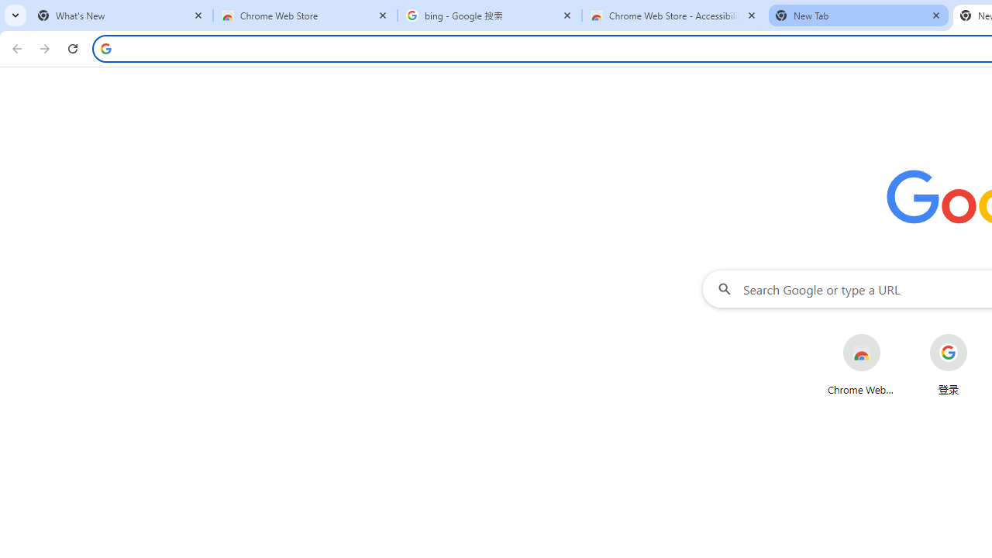 This screenshot has height=558, width=992. Describe the element at coordinates (674, 15) in the screenshot. I see `'Chrome Web Store - Accessibility'` at that location.